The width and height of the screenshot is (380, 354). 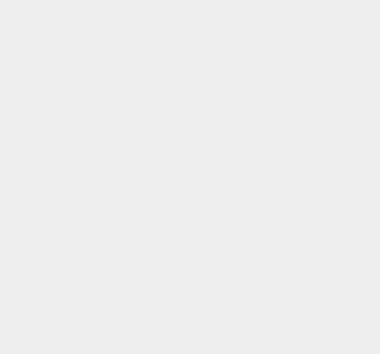 I want to click on 'Search Engine Results', so click(x=268, y=262).